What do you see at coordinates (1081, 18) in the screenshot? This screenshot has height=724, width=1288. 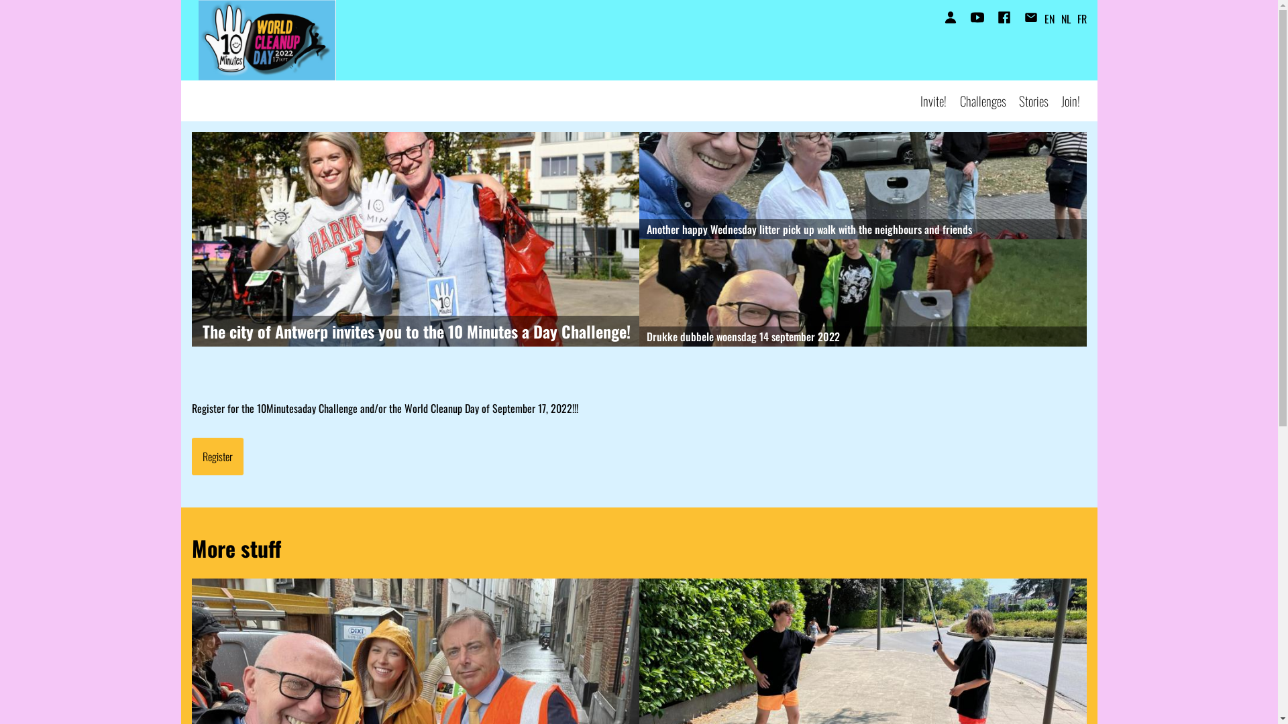 I see `'FR'` at bounding box center [1081, 18].